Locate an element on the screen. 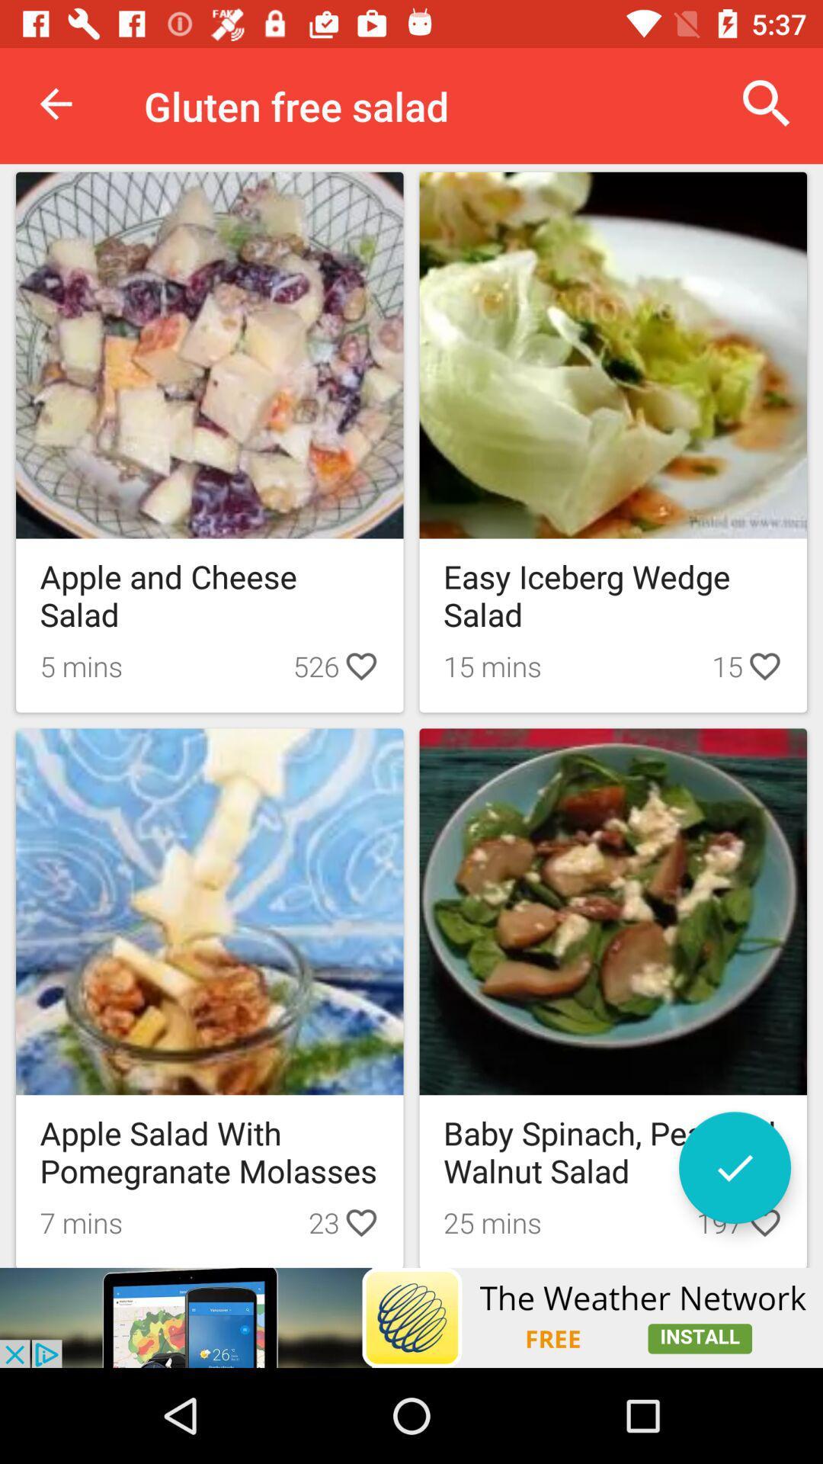 The height and width of the screenshot is (1464, 823). confirm selection button is located at coordinates (734, 1167).